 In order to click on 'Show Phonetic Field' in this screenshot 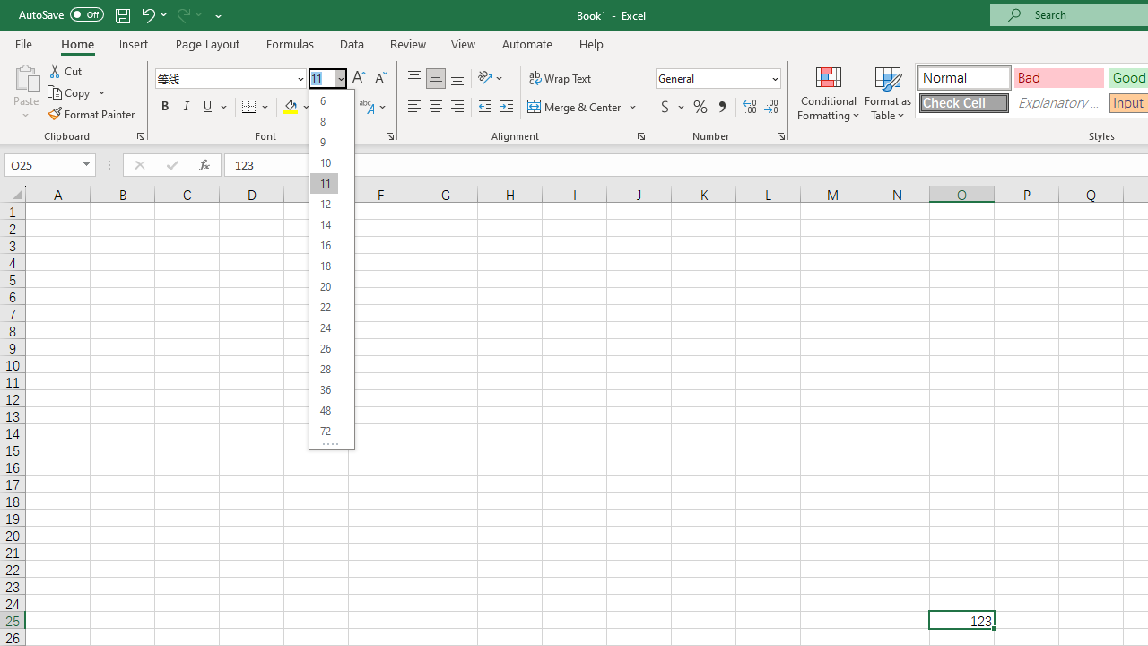, I will do `click(365, 107)`.